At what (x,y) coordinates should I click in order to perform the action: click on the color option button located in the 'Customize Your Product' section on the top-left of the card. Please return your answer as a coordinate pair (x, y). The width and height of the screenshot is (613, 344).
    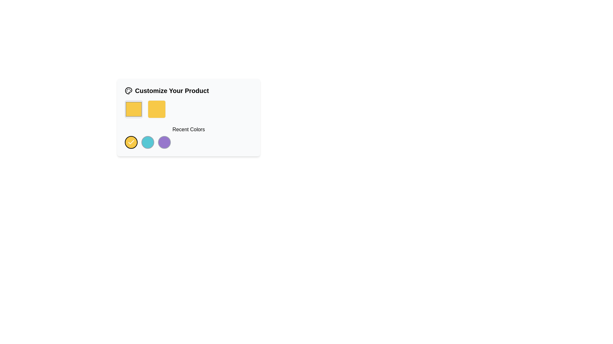
    Looking at the image, I should click on (133, 109).